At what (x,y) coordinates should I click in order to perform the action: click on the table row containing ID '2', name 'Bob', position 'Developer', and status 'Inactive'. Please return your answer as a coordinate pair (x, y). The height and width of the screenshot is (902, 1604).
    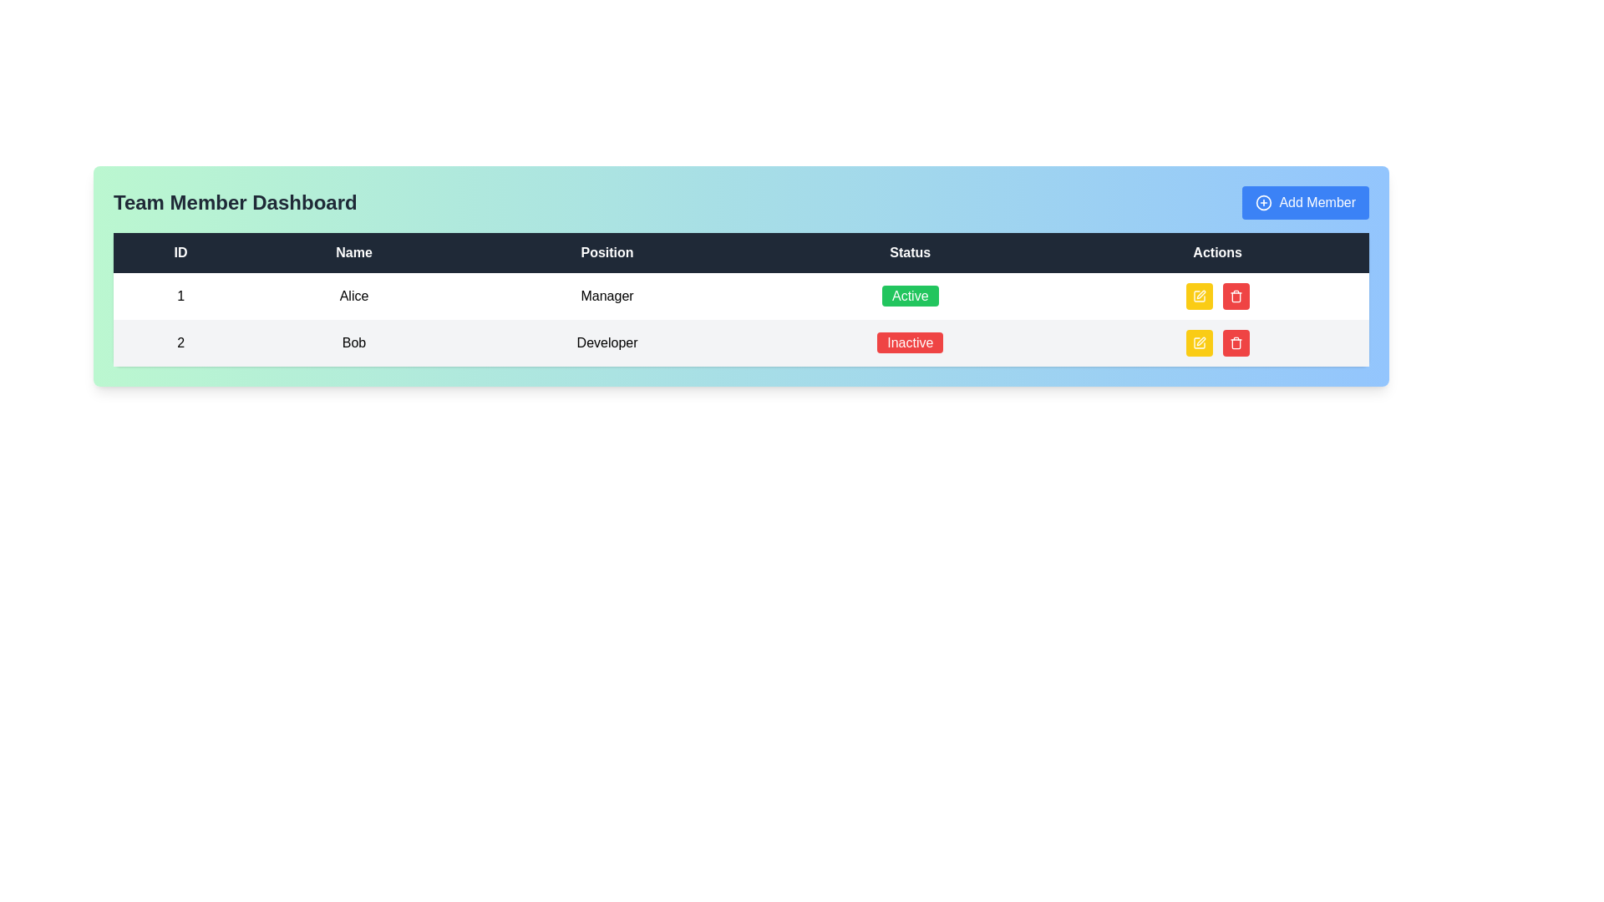
    Looking at the image, I should click on (740, 342).